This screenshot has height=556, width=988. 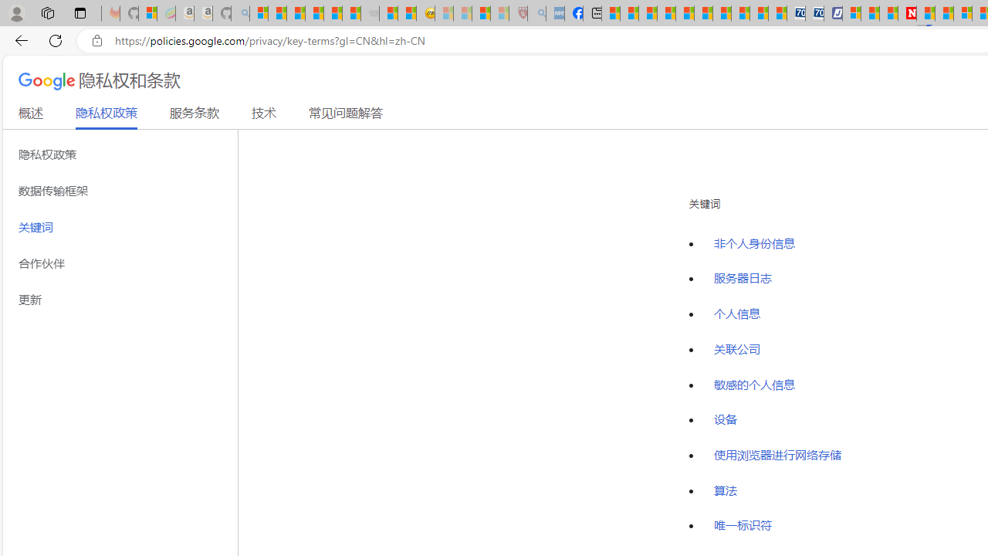 What do you see at coordinates (943, 13) in the screenshot?
I see `'14 Common Myths Debunked By Scientific Facts'` at bounding box center [943, 13].